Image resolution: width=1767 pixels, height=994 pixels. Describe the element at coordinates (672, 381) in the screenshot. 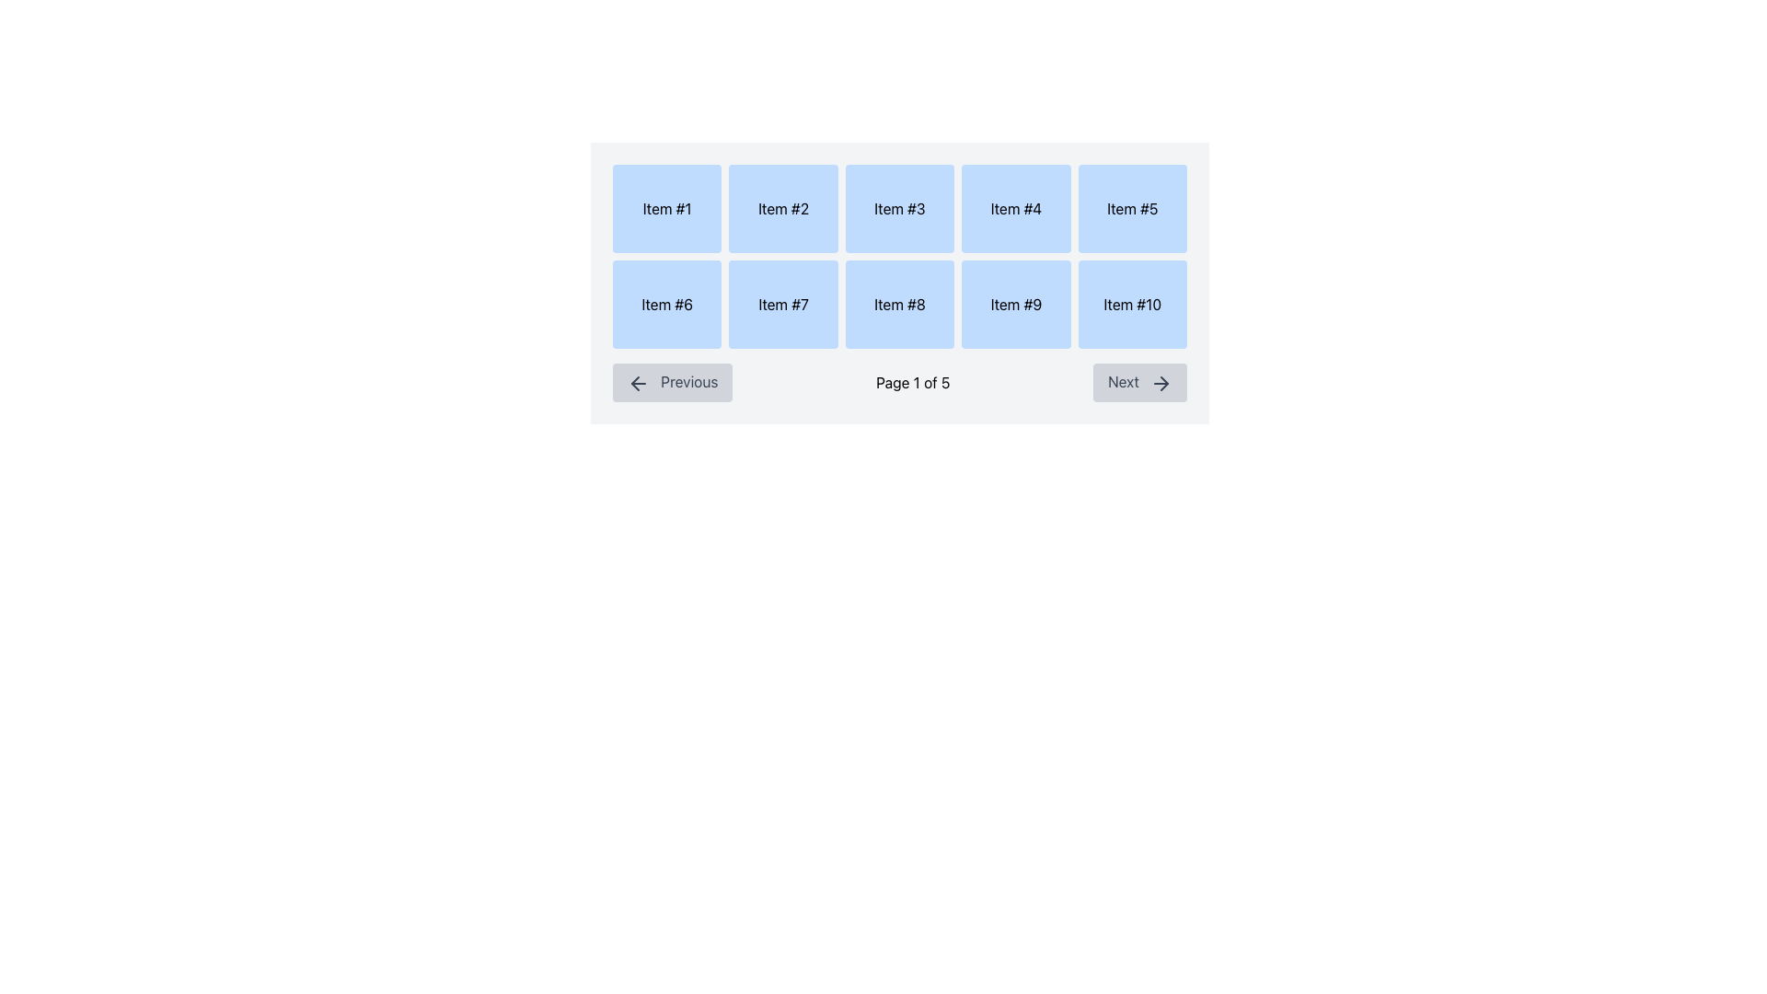

I see `the 'Previous' button, which is a rectangular button with a light gray background, rounded corners, and an arrow icon pointing left, located on the left side of the pagination control panel` at that location.